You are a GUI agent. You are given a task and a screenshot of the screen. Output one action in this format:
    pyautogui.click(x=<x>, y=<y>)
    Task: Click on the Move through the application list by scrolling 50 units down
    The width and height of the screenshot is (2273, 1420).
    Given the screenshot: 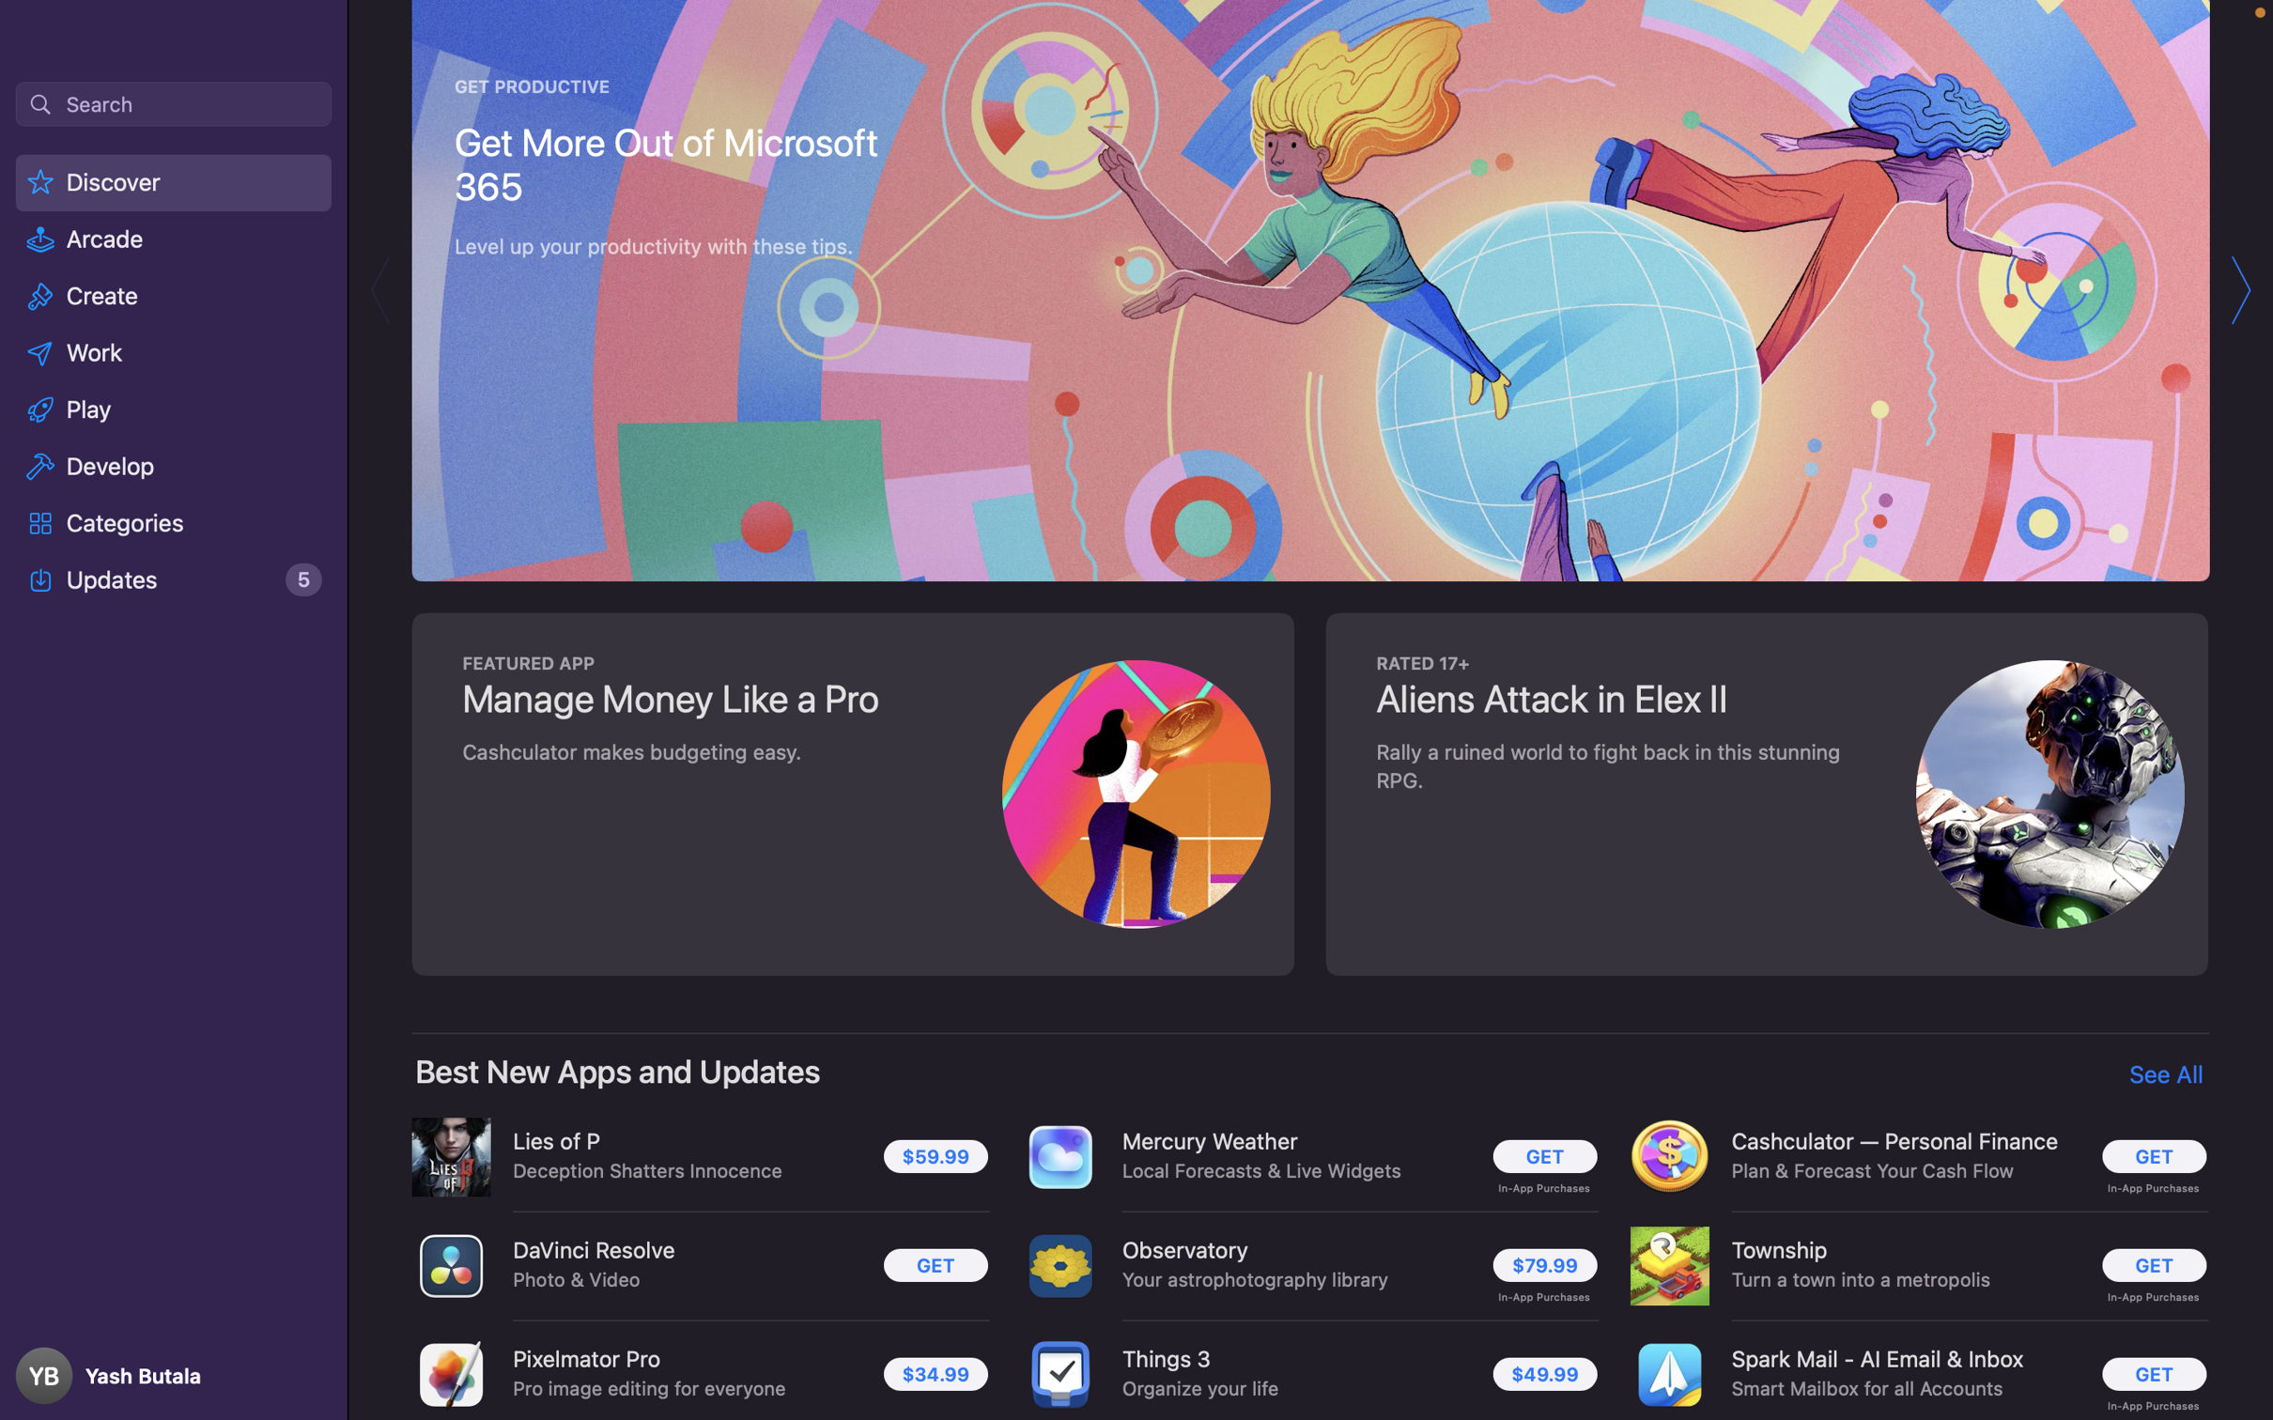 What is the action you would take?
    pyautogui.click(x=1312, y=710)
    